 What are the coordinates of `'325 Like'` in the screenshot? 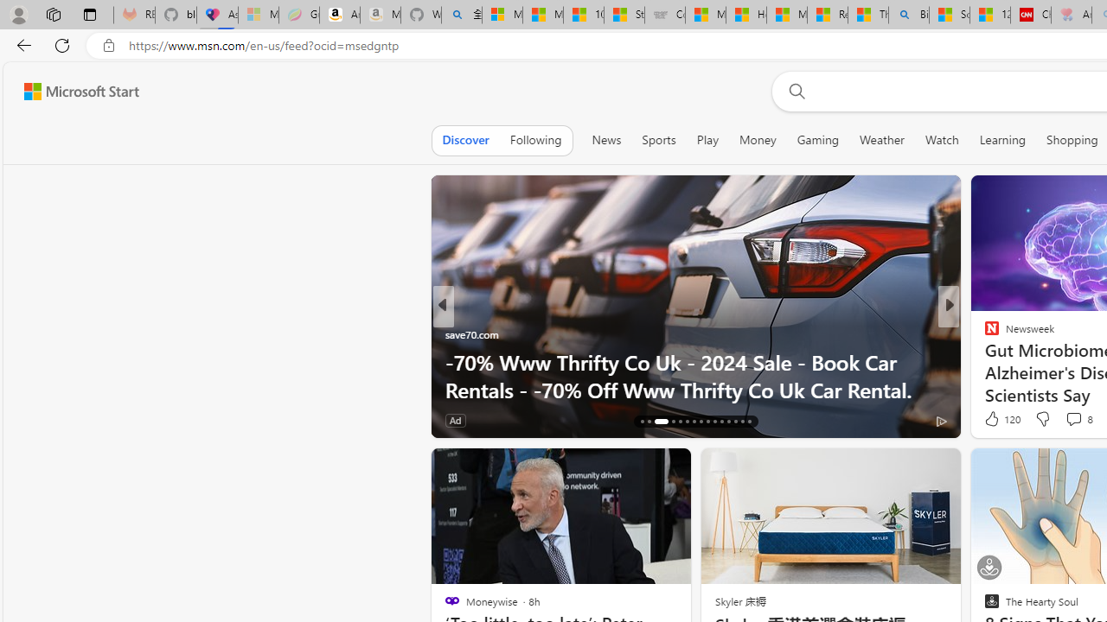 It's located at (996, 420).